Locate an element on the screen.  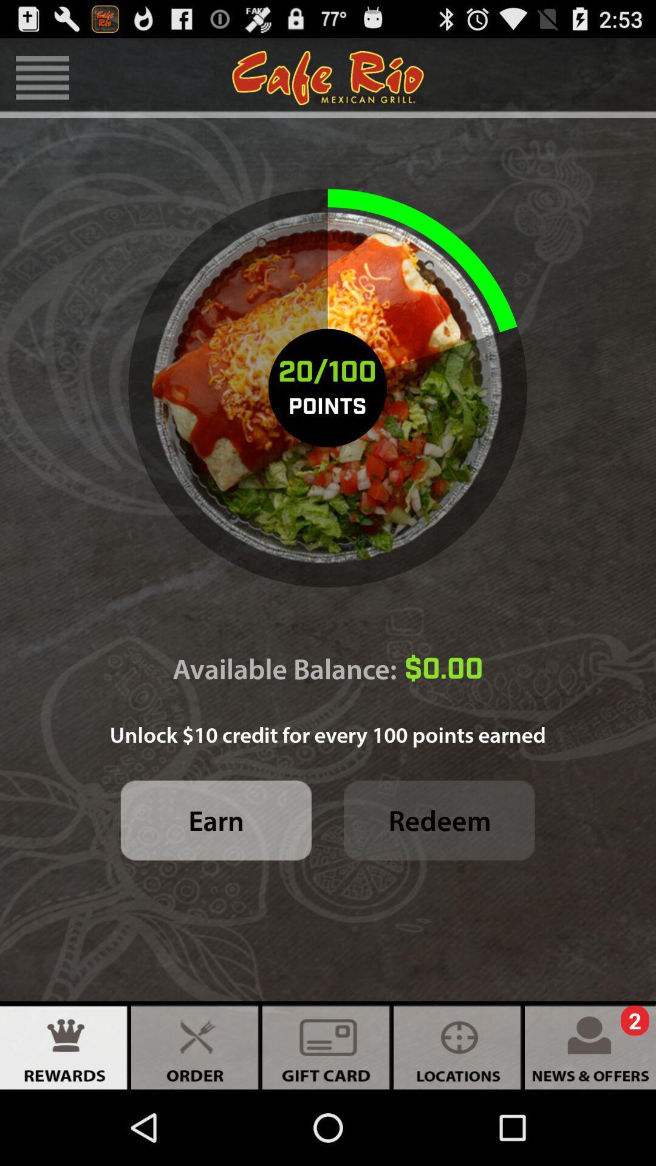
the earn item is located at coordinates (216, 820).